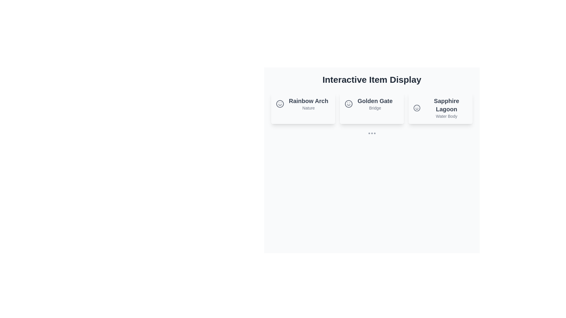  Describe the element at coordinates (308, 101) in the screenshot. I see `the text label that represents the title of the first card in a horizontal list, positioned above the 'Nature' text element` at that location.